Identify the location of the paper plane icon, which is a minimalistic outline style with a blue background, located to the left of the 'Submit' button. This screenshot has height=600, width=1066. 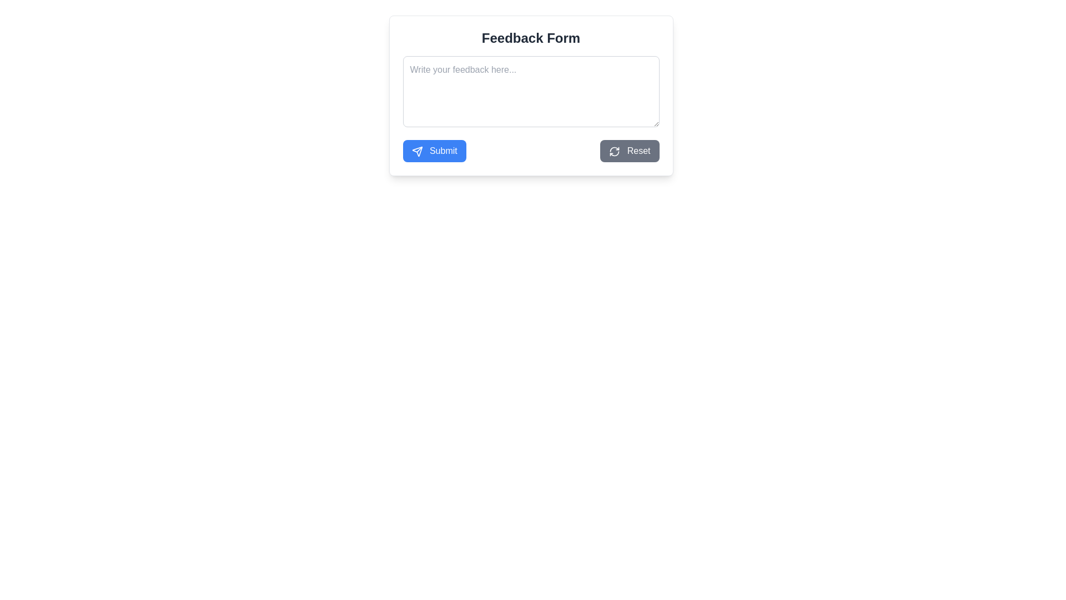
(416, 151).